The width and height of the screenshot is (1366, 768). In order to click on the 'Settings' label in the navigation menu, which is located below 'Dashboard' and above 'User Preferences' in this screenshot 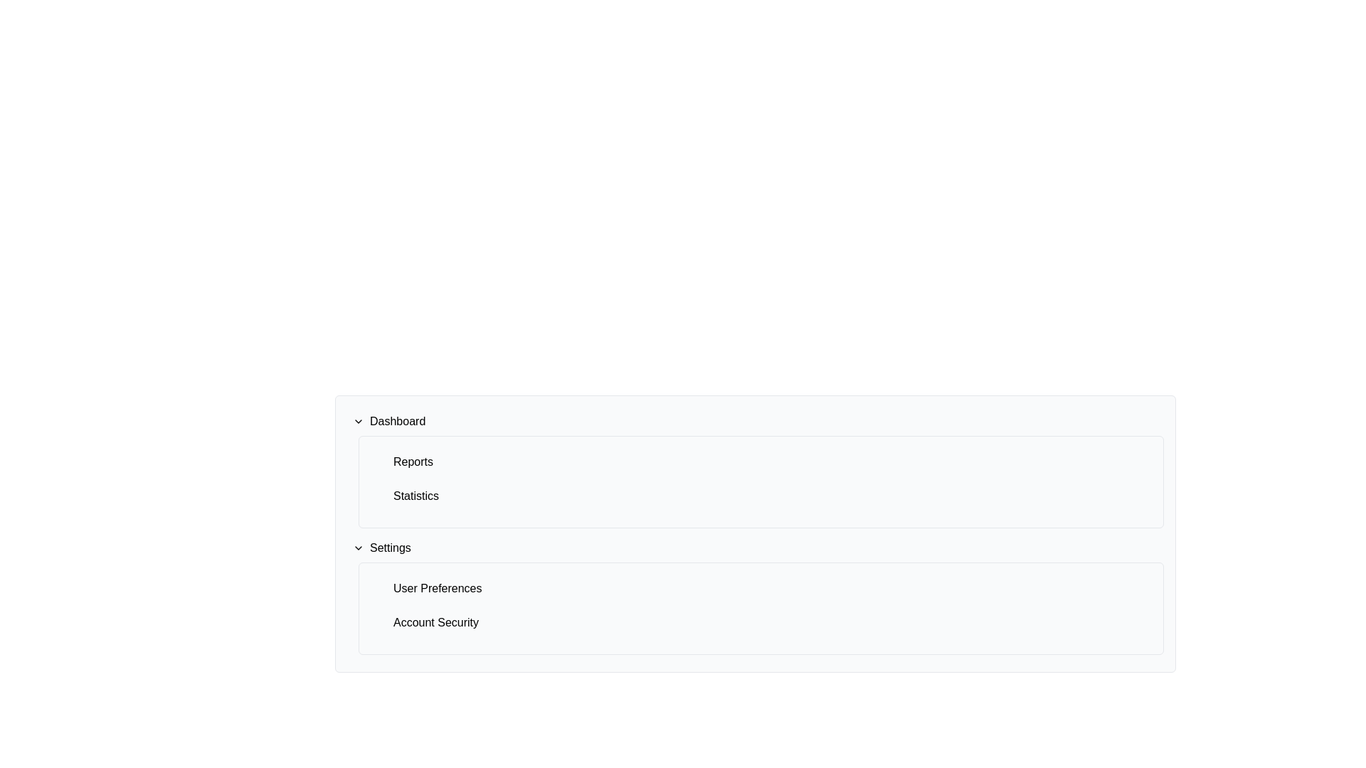, I will do `click(390, 548)`.